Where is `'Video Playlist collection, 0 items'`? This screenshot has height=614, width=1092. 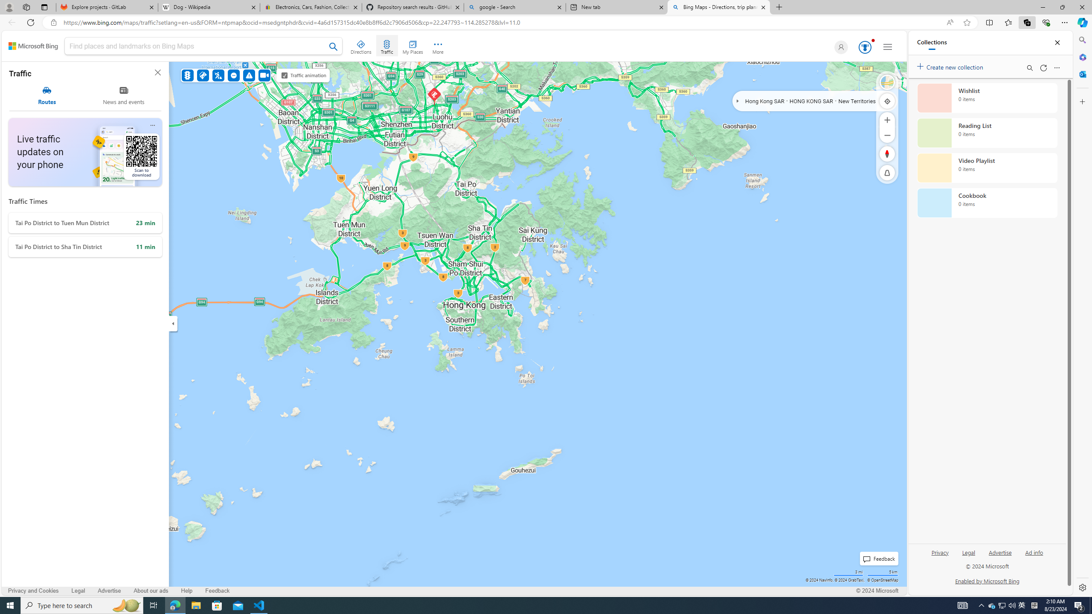
'Video Playlist collection, 0 items' is located at coordinates (987, 167).